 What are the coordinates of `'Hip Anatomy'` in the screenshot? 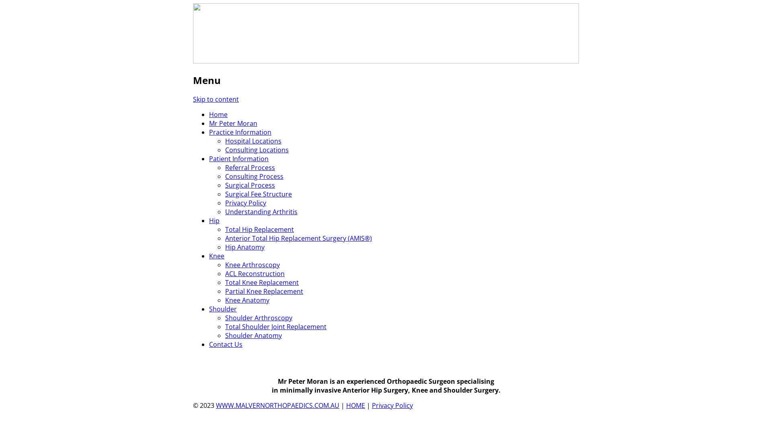 It's located at (244, 246).